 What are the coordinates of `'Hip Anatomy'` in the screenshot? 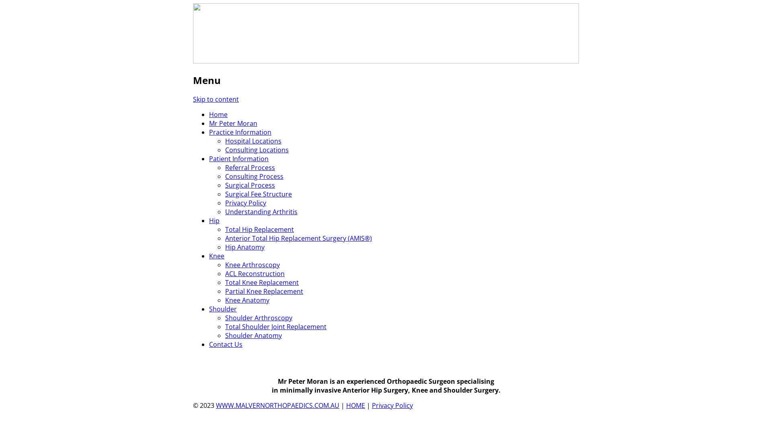 It's located at (244, 246).